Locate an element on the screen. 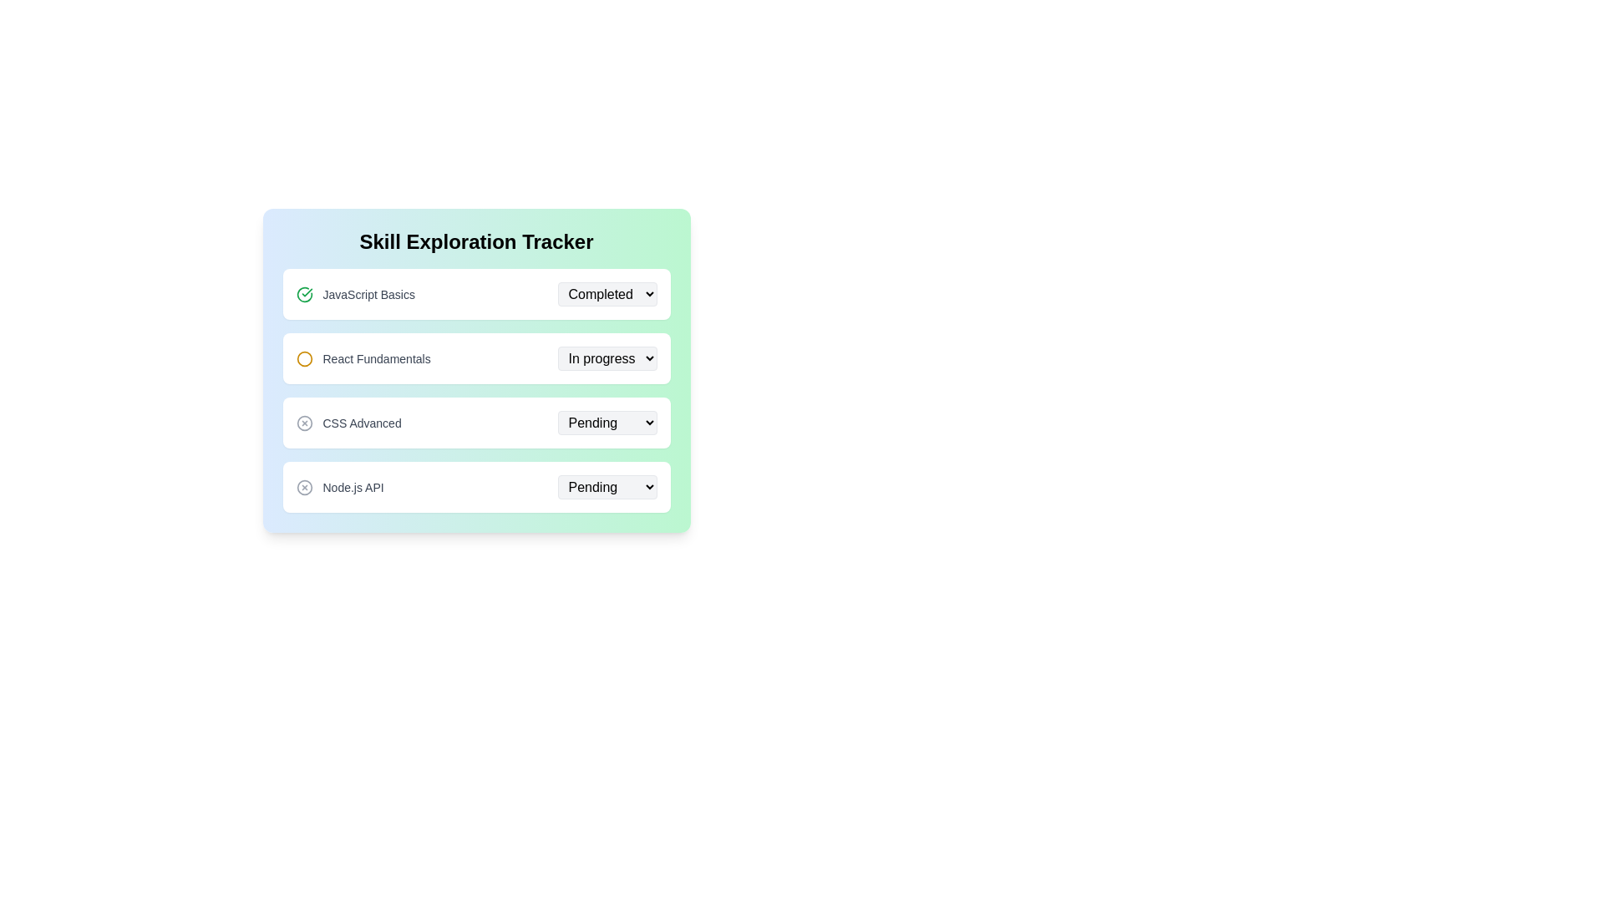  the text label displaying 'Node.js API' in the fourth row of the skill exploration tracker is located at coordinates (353, 487).